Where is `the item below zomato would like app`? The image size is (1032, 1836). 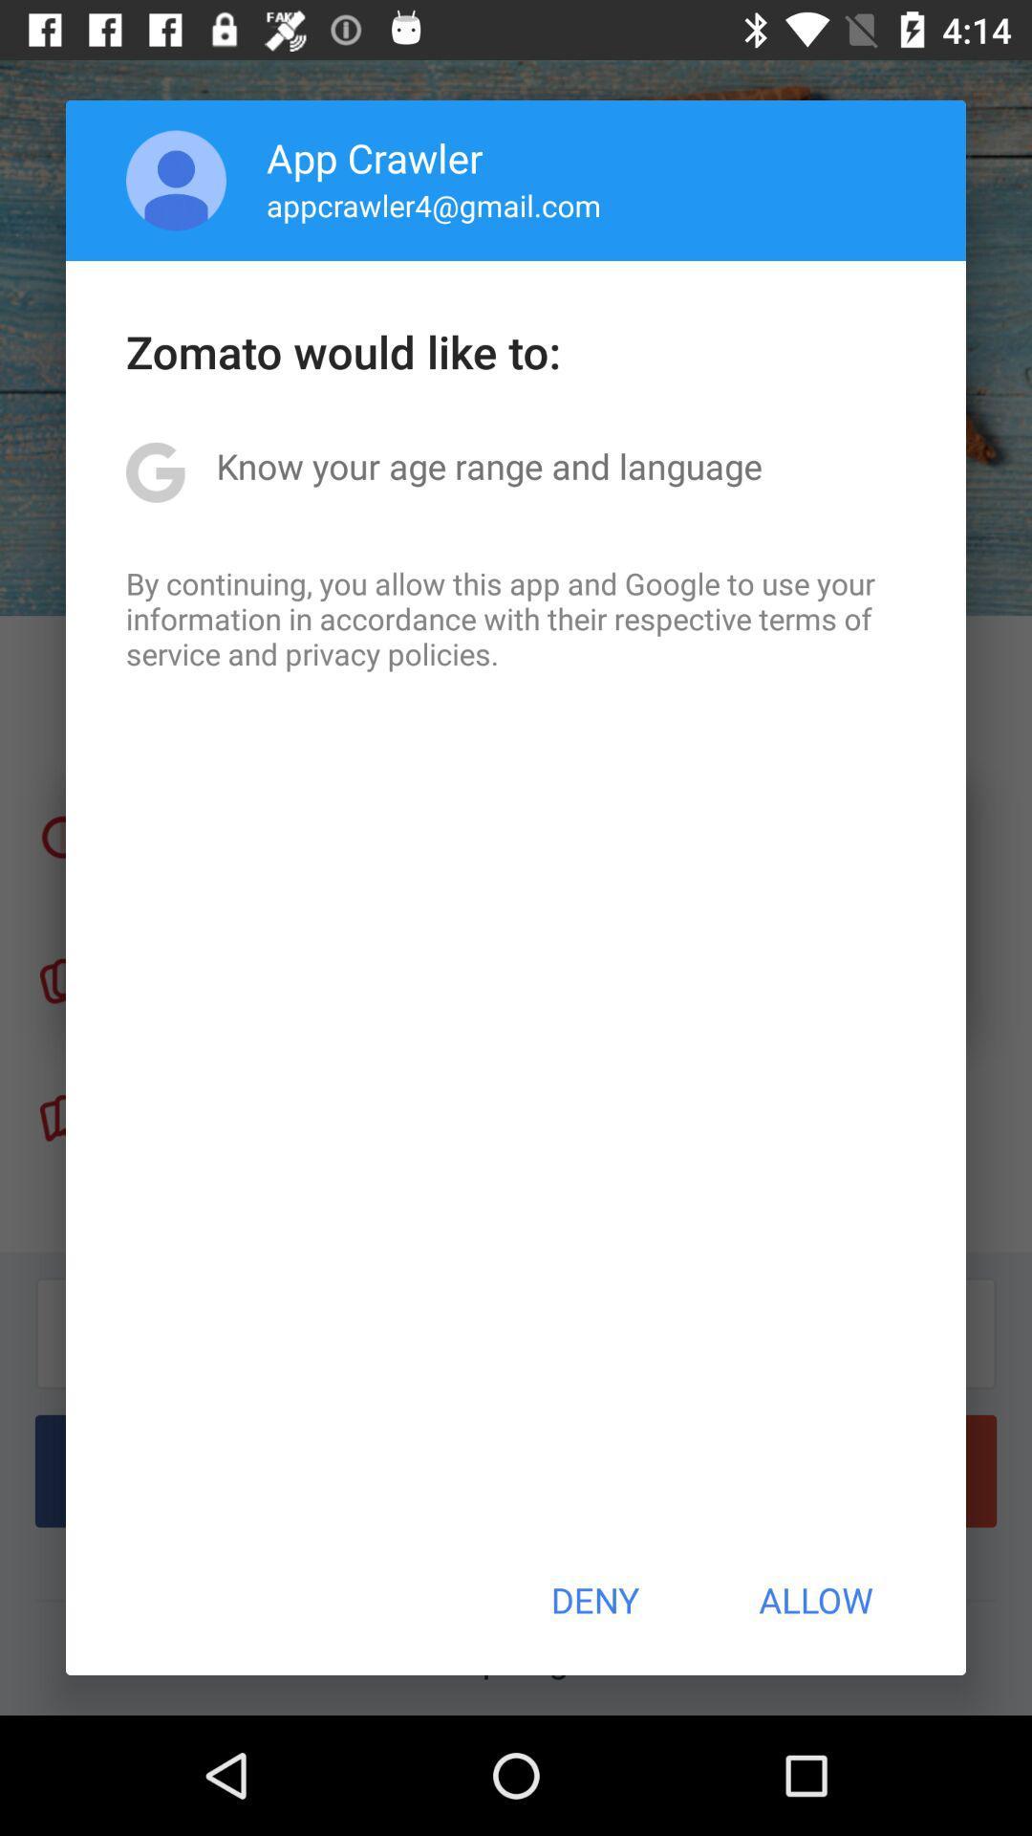 the item below zomato would like app is located at coordinates (488, 466).